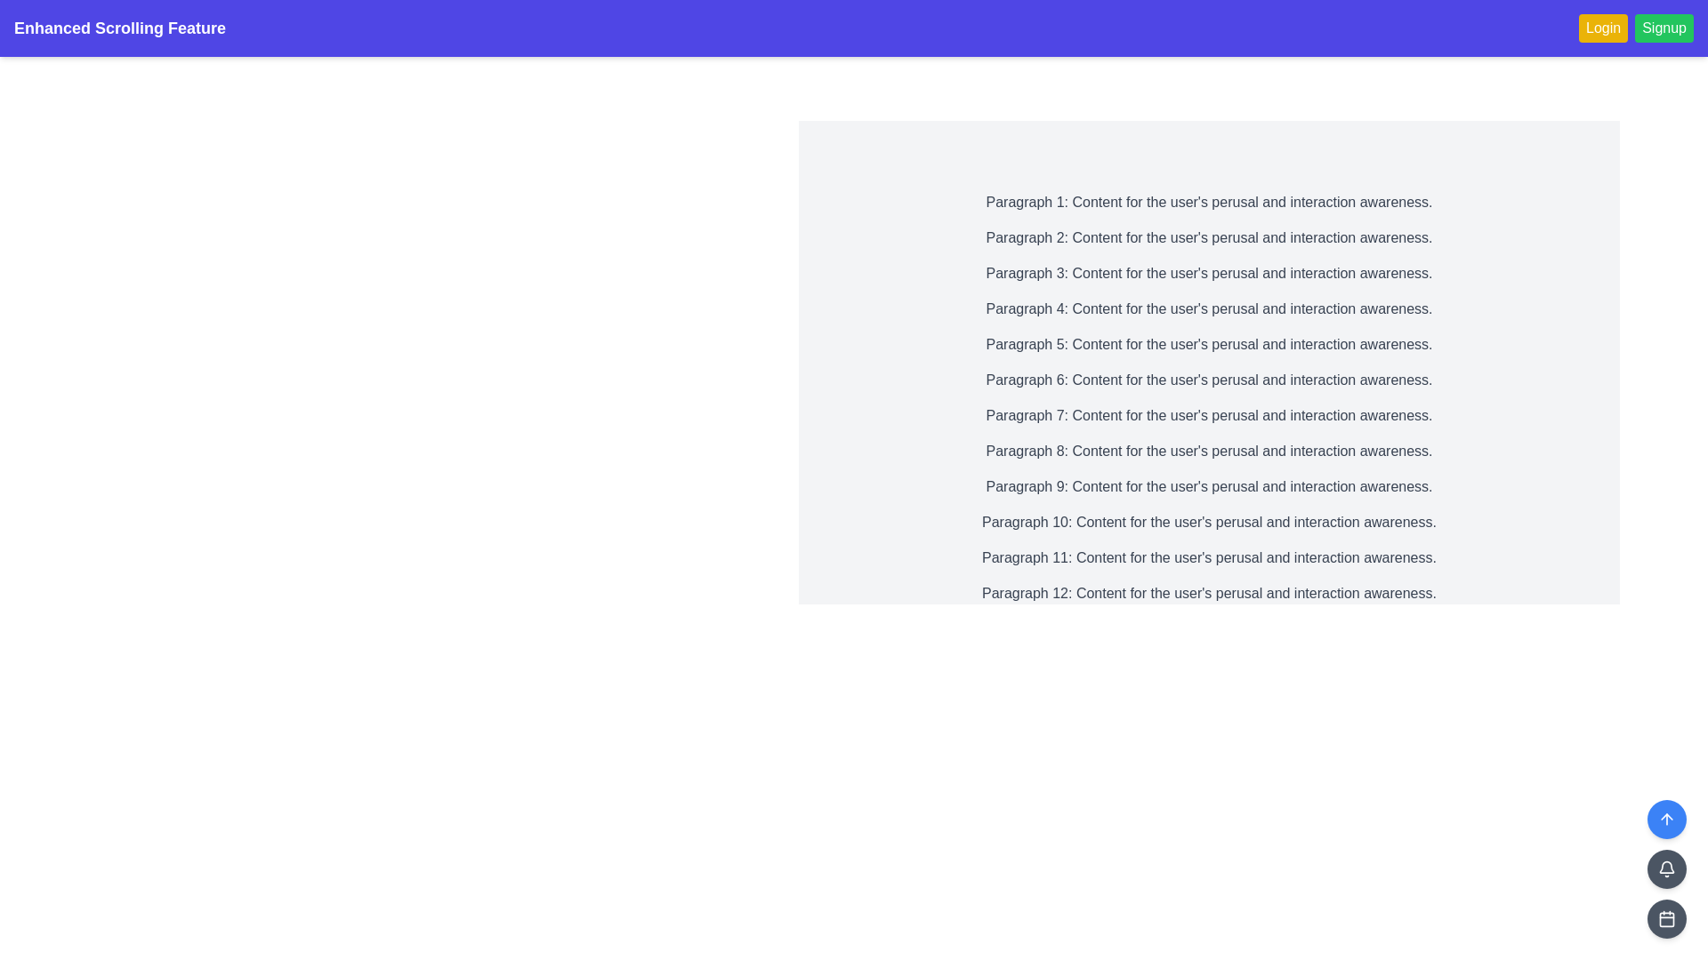 This screenshot has width=1708, height=960. What do you see at coordinates (1209, 274) in the screenshot?
I see `the third paragraph text line that provides information to the user, located between 'Paragraph 2' and 'Paragraph 4'` at bounding box center [1209, 274].